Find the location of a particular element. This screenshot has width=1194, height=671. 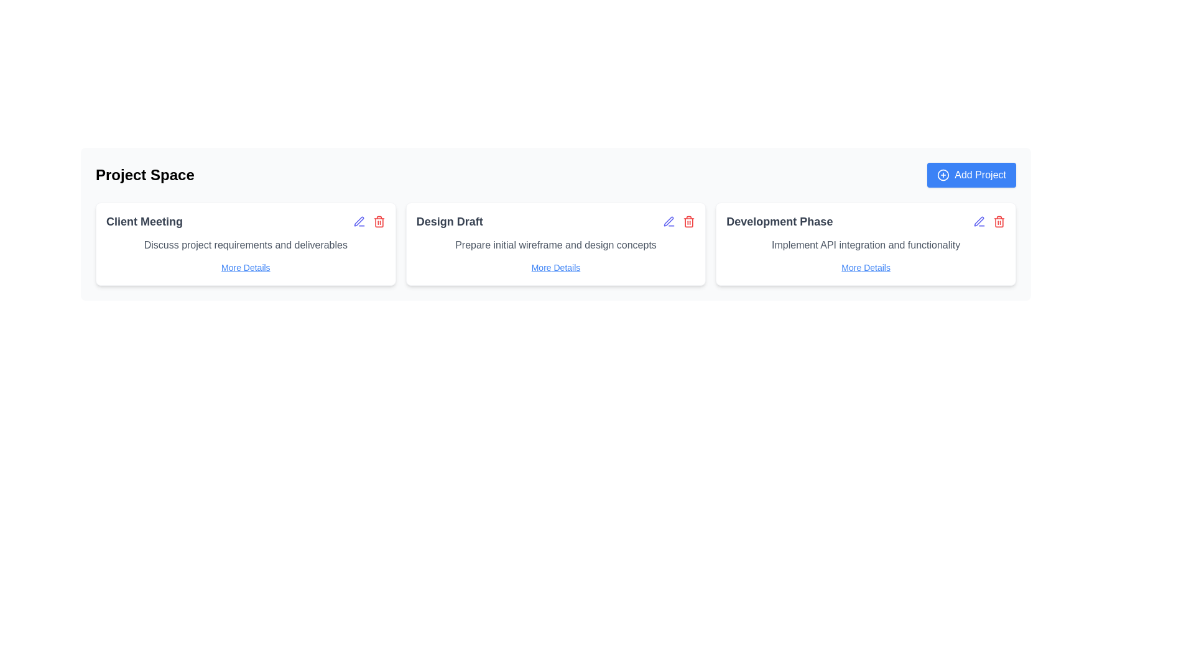

the 'More Details' hyperlink located at the bottom of the 'Design Draft' card is located at coordinates (555, 267).